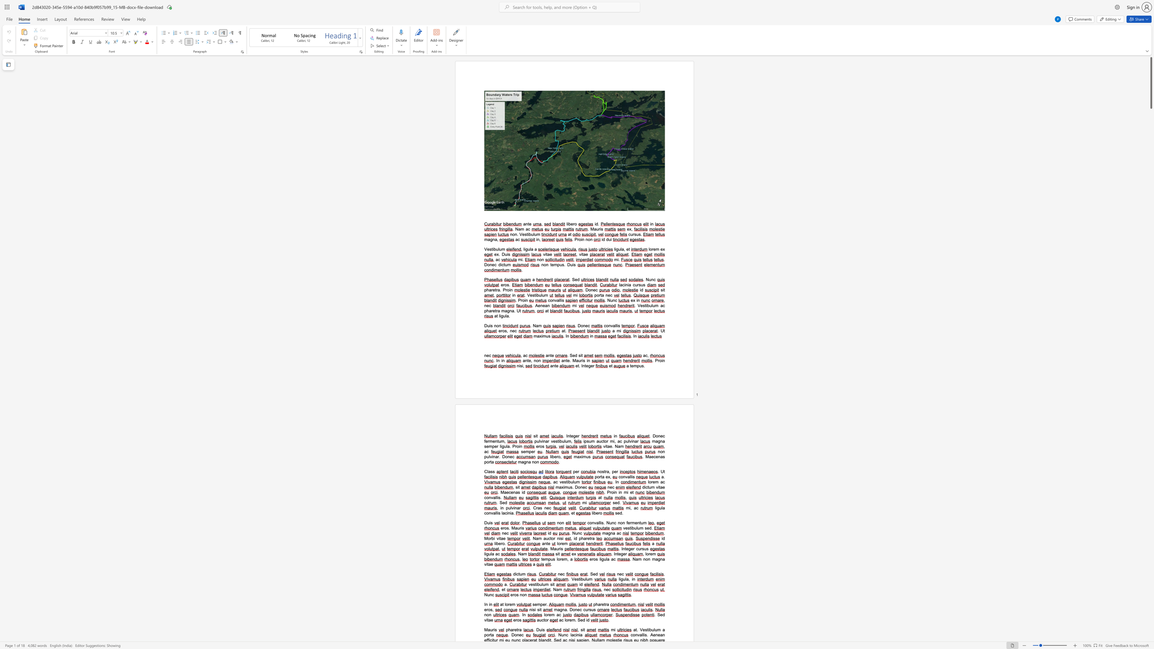 The height and width of the screenshot is (649, 1154). I want to click on the space between the continuous character "e" and "d" in the text, so click(575, 355).